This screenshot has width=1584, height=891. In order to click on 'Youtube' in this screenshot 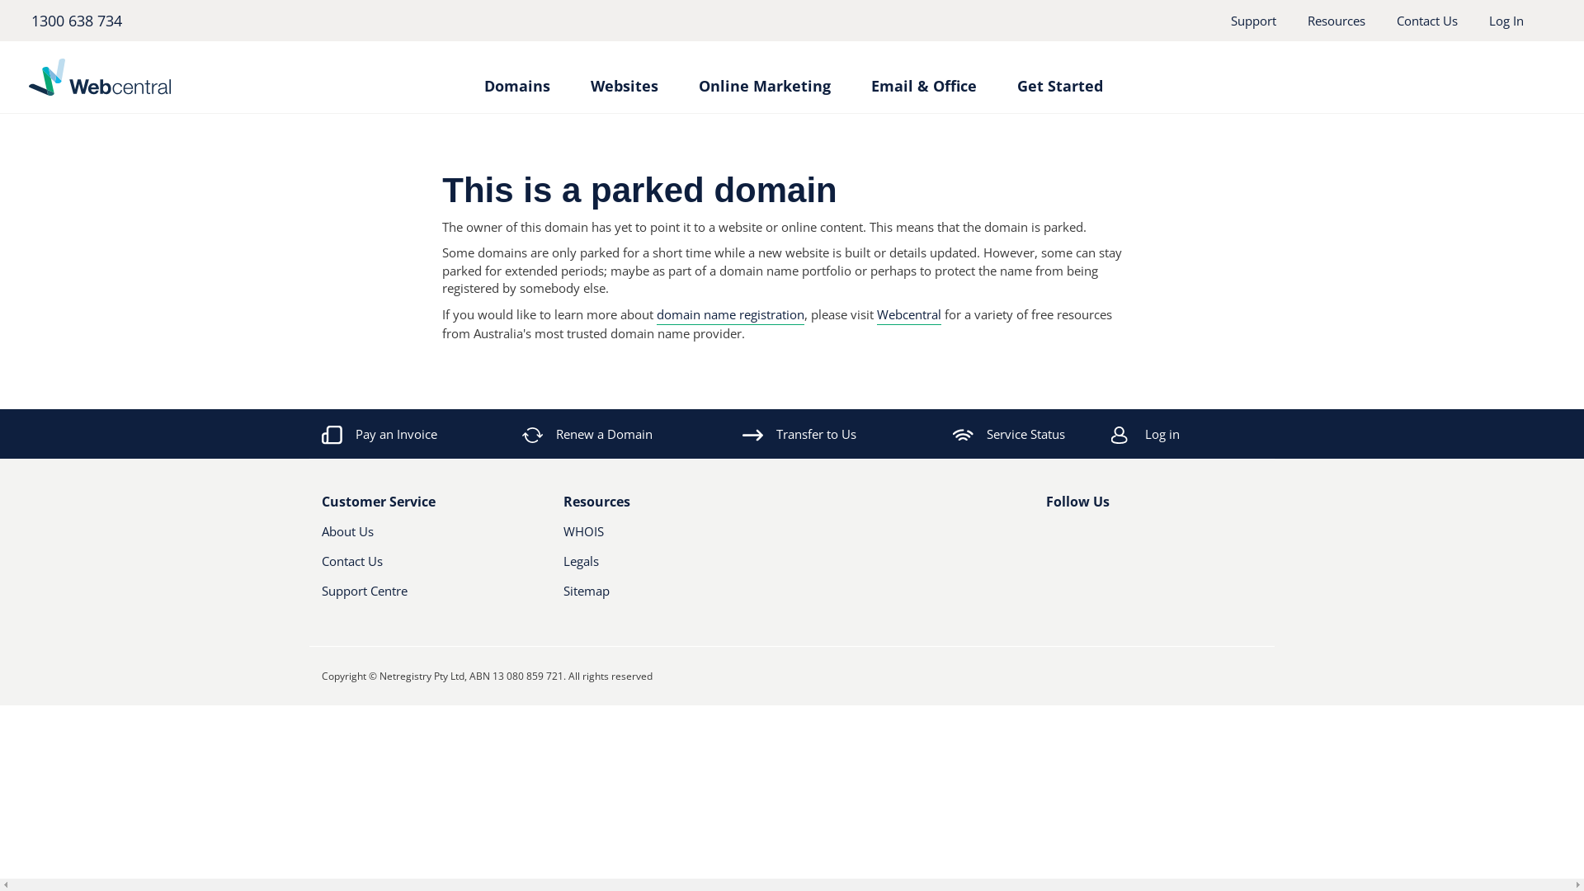, I will do `click(1109, 538)`.